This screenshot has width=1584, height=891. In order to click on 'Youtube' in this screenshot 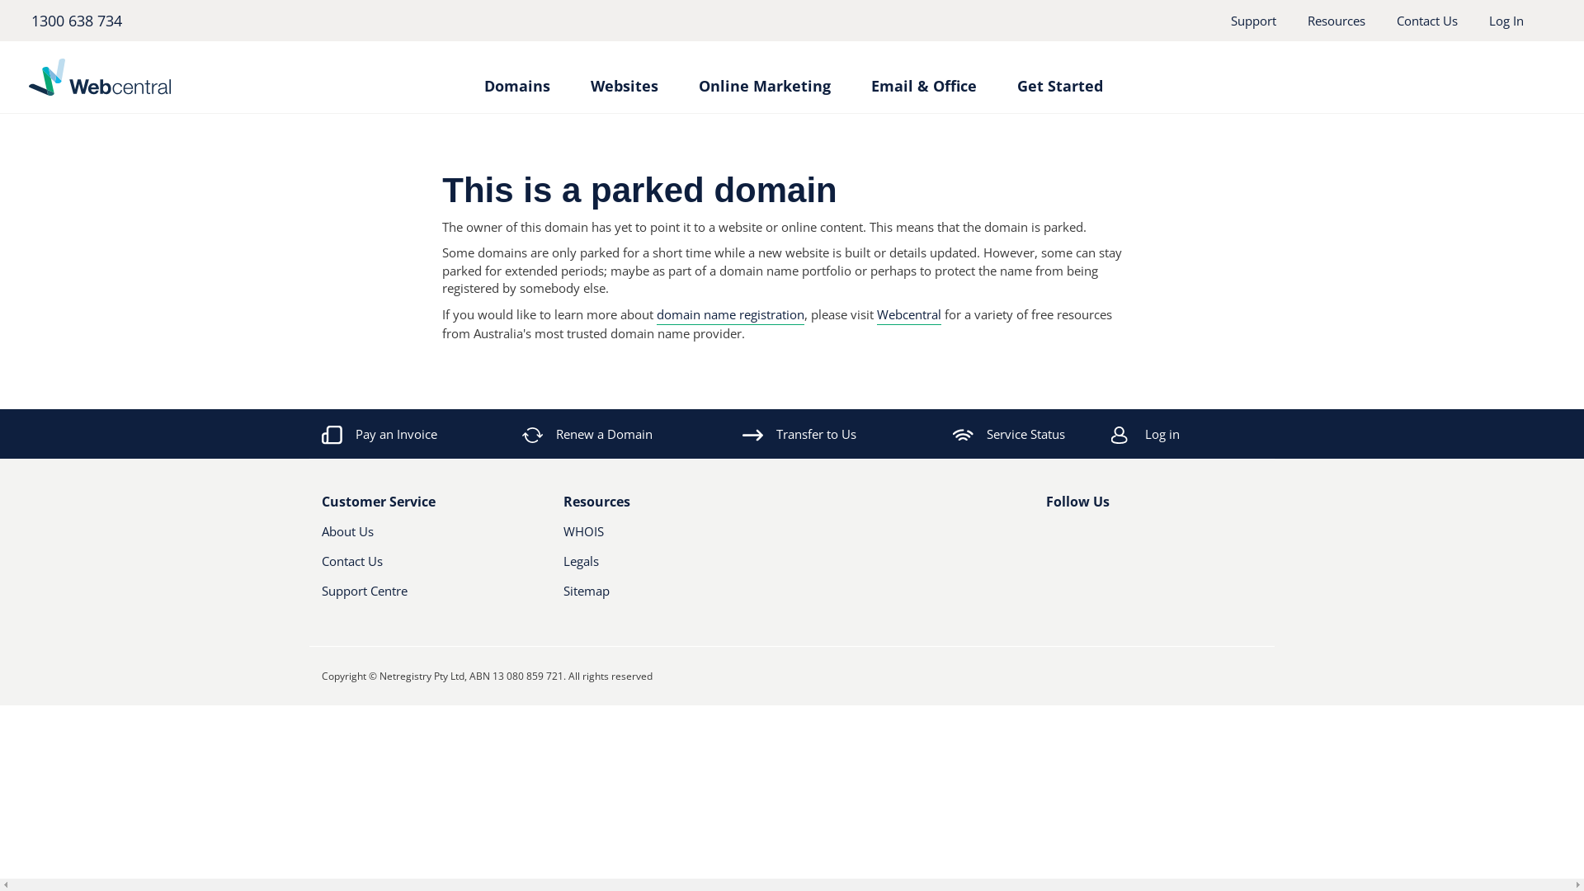, I will do `click(1109, 538)`.